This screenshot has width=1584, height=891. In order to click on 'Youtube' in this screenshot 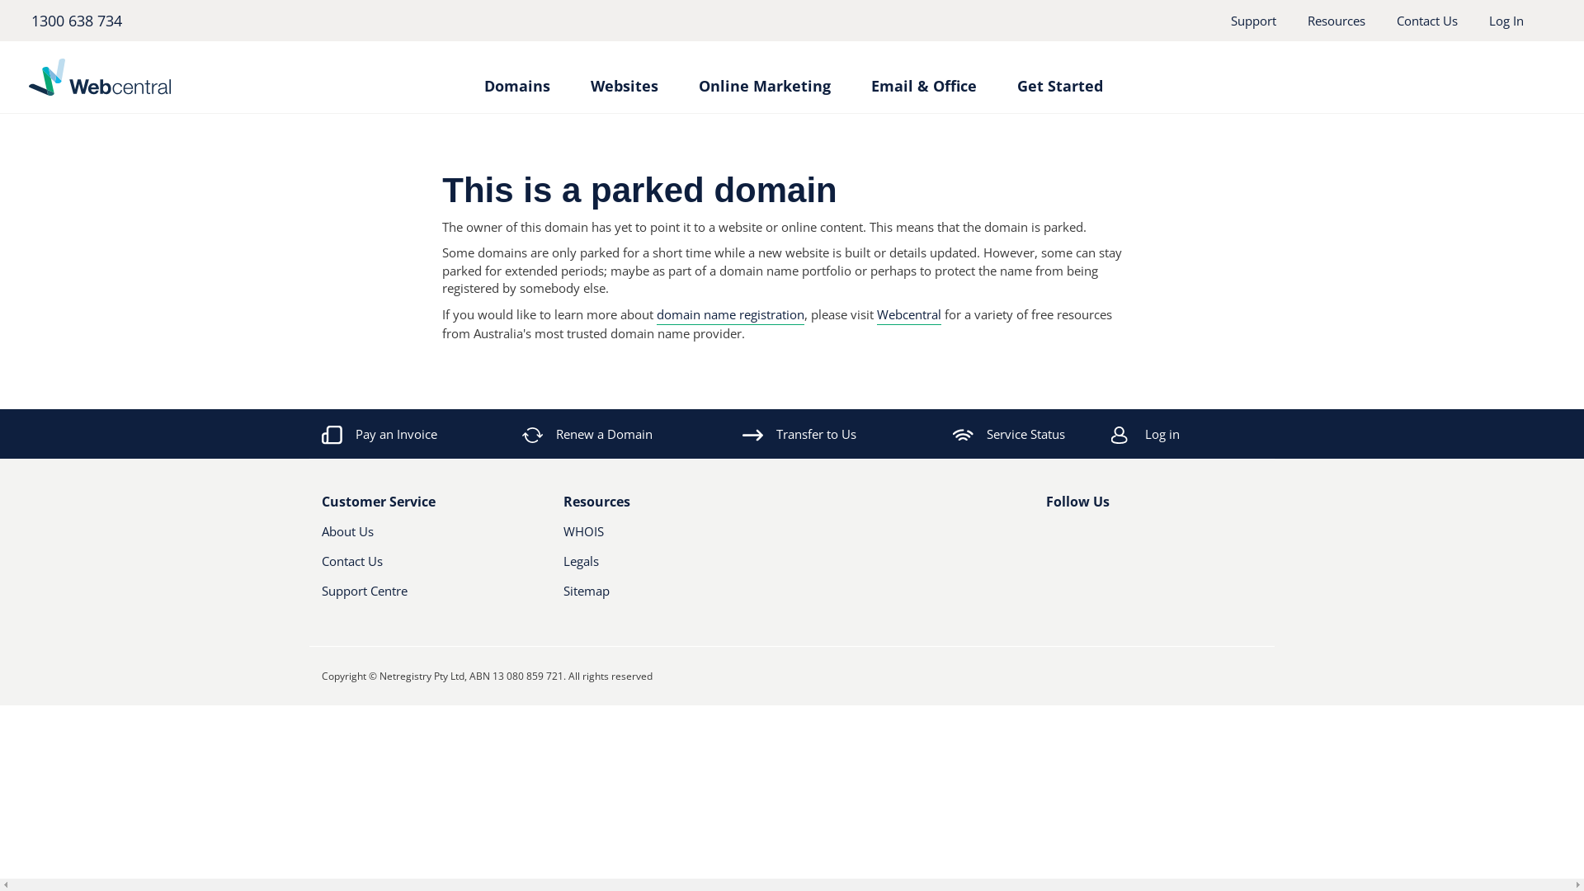, I will do `click(1109, 538)`.